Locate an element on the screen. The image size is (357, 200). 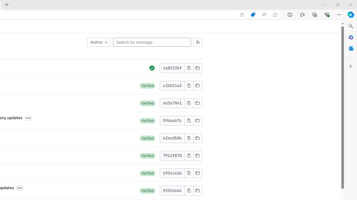
'Class: s16 gl-icon gl-button-icon ' is located at coordinates (189, 190).